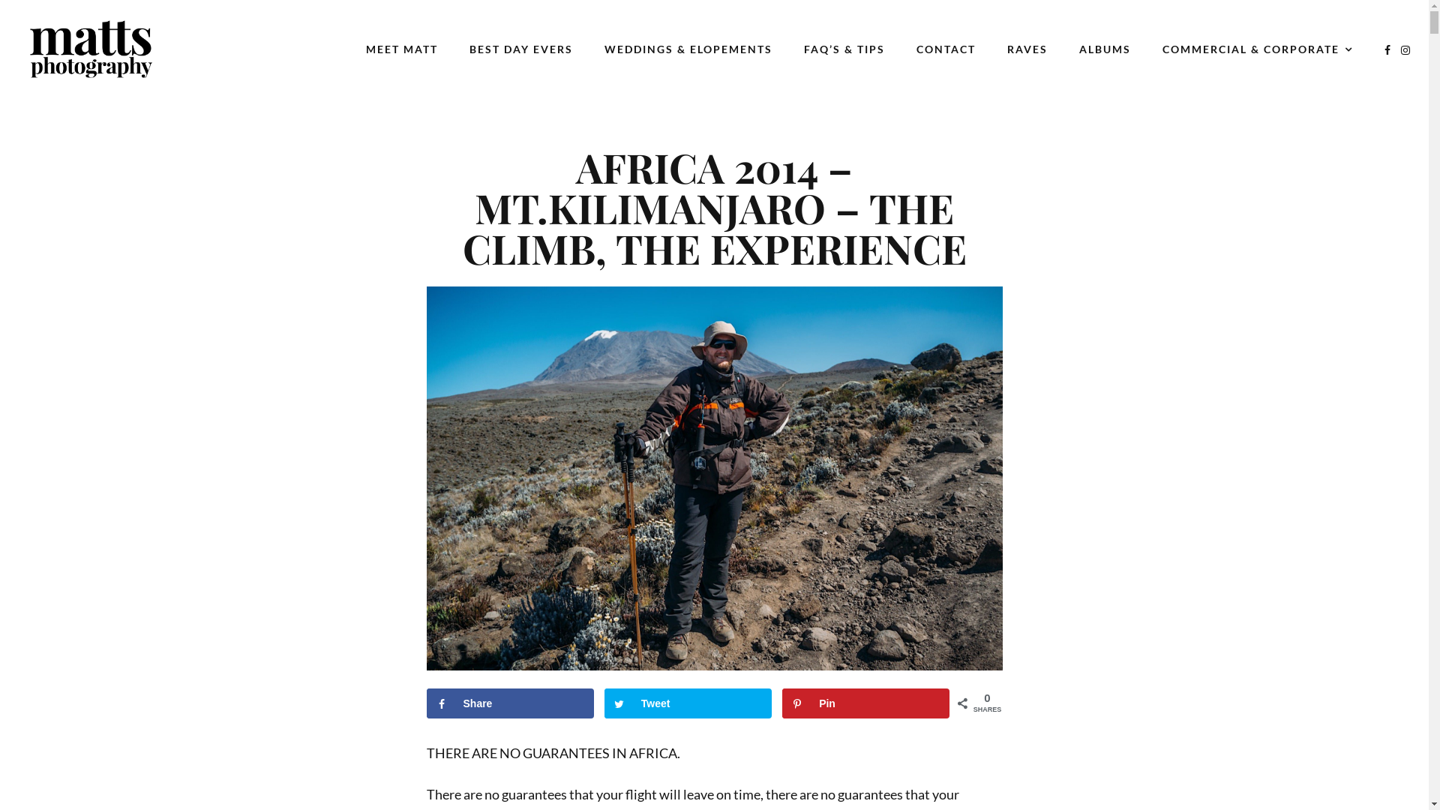 The width and height of the screenshot is (1440, 810). I want to click on 'WEDDINGS & ELOPEMENTS', so click(687, 48).